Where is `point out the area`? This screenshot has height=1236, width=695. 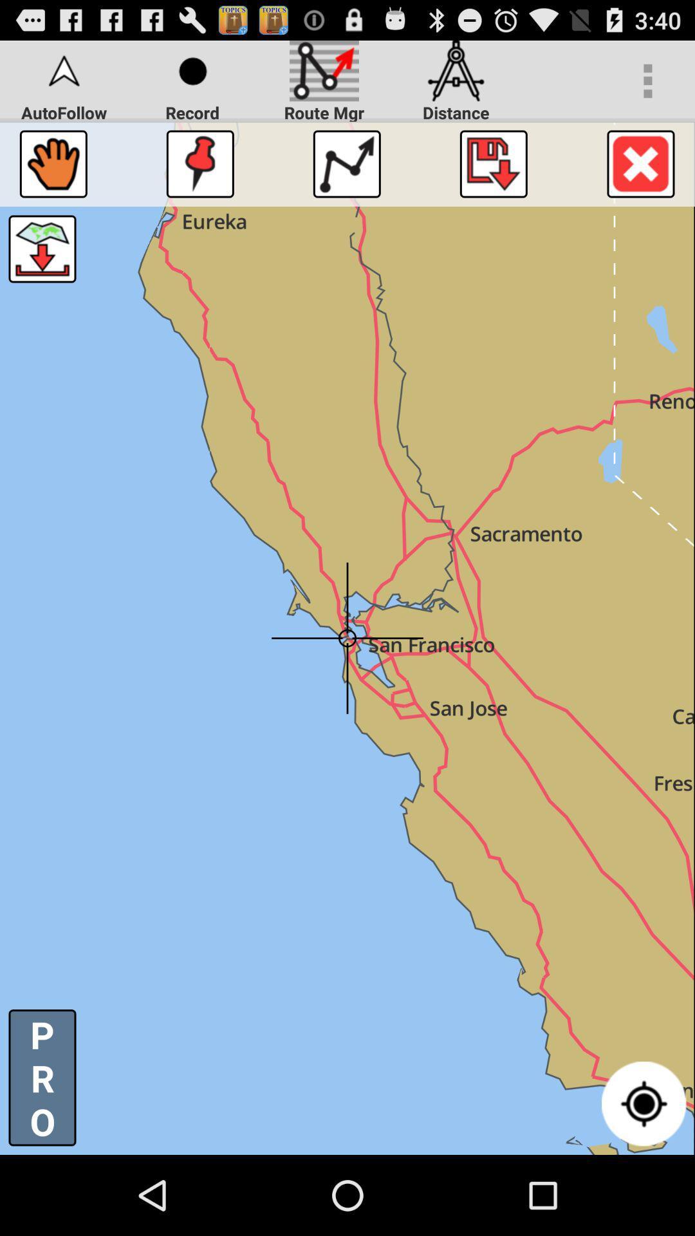
point out the area is located at coordinates (200, 163).